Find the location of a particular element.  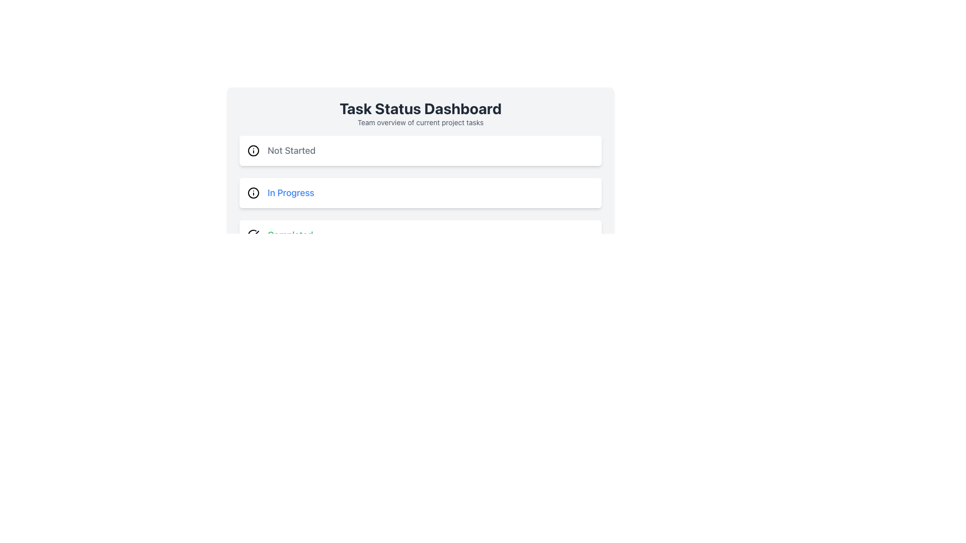

the 'Not Started' status icon located in the first item of the vertically stacked list is located at coordinates (254, 151).